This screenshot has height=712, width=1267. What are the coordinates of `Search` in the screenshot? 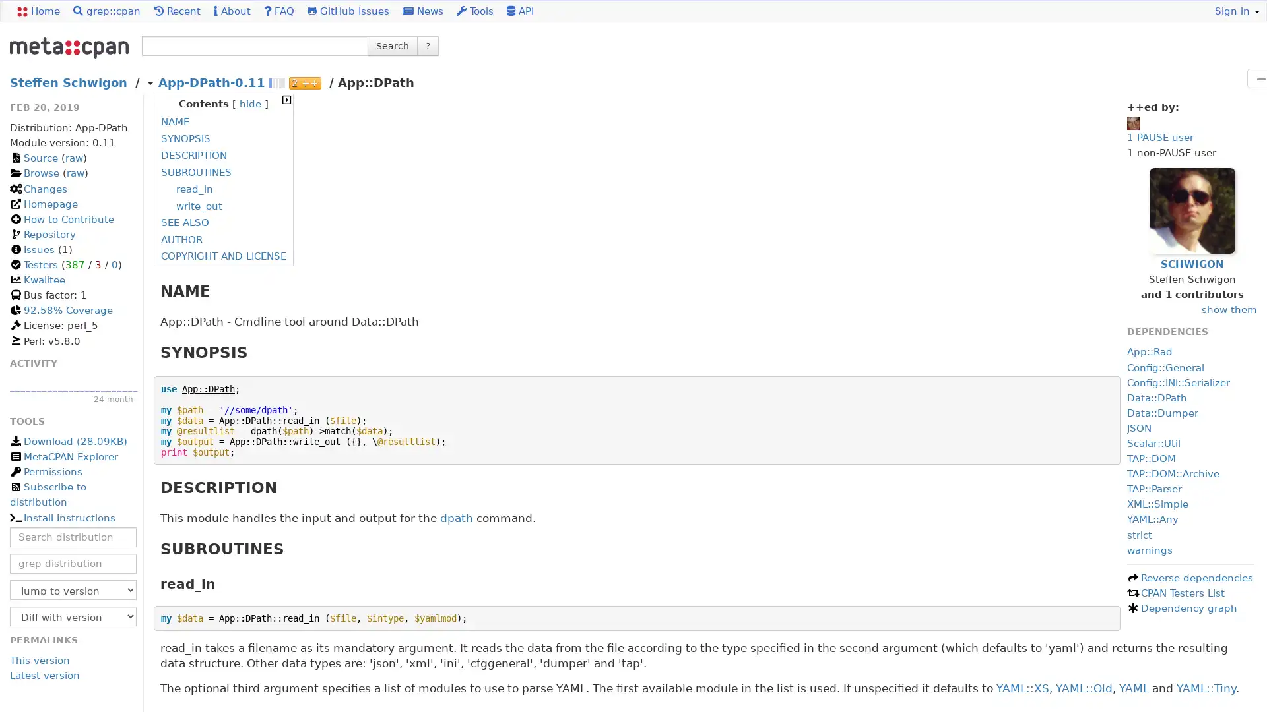 It's located at (392, 45).